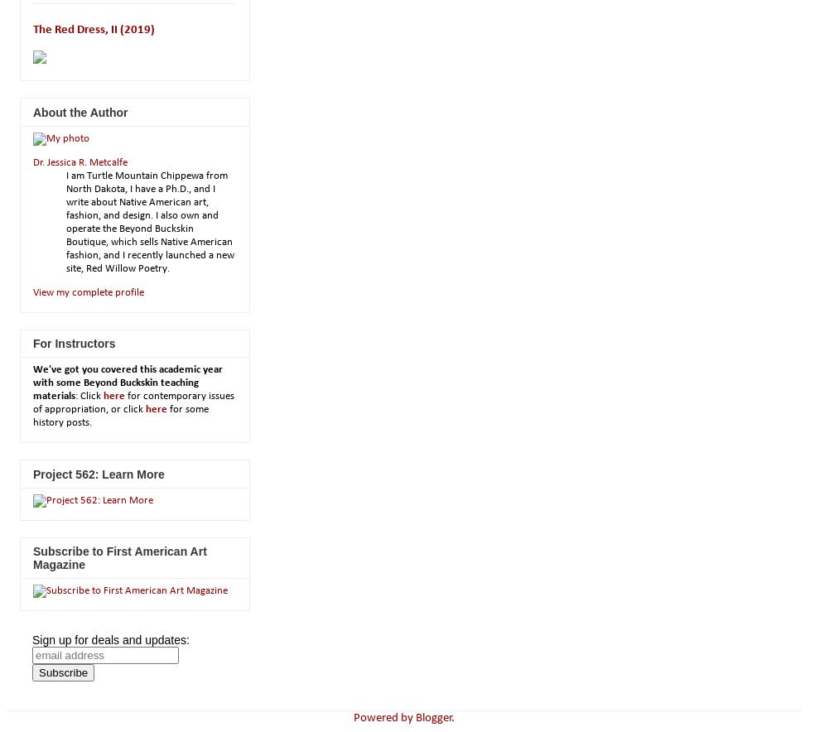  What do you see at coordinates (80, 161) in the screenshot?
I see `'Dr. Jessica R. Metcalfe'` at bounding box center [80, 161].